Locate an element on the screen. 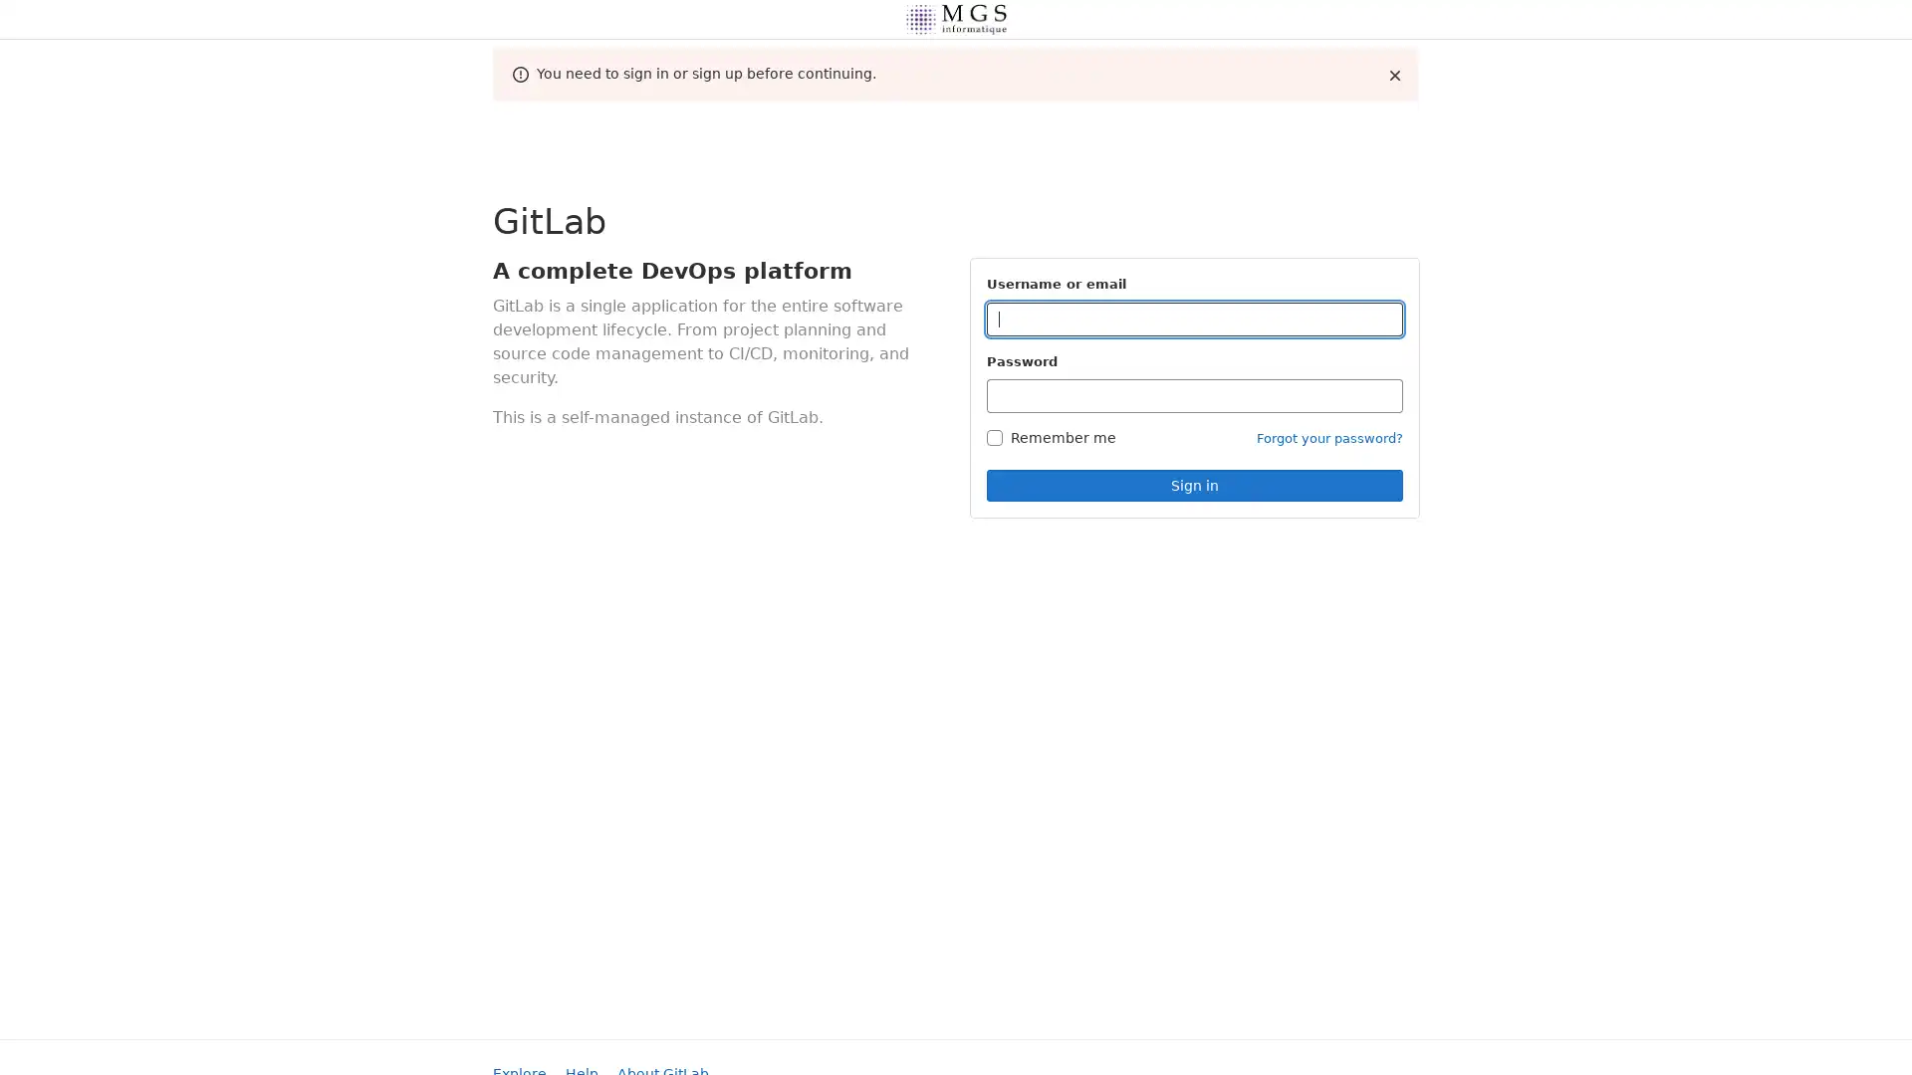 This screenshot has height=1075, width=1912. Sign in is located at coordinates (1195, 486).